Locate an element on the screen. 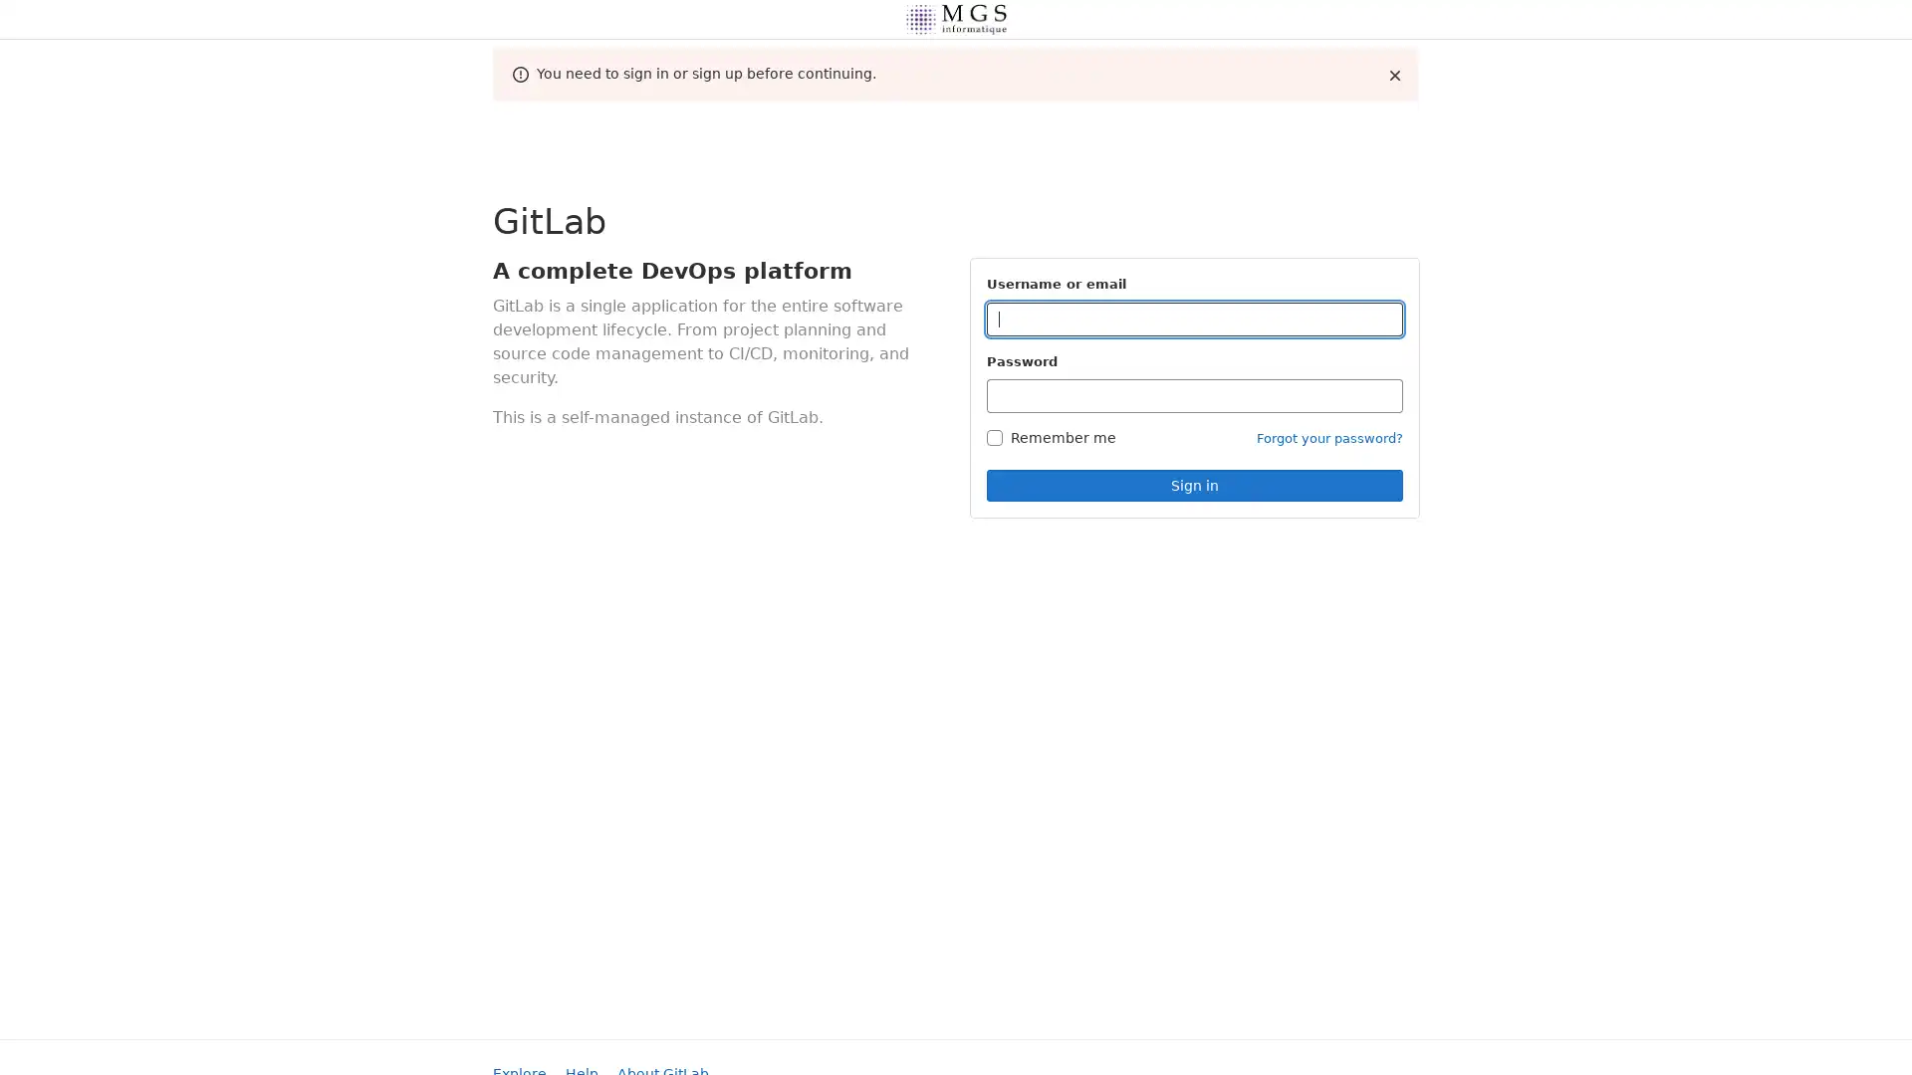 This screenshot has height=1075, width=1912. Sign in is located at coordinates (1195, 486).